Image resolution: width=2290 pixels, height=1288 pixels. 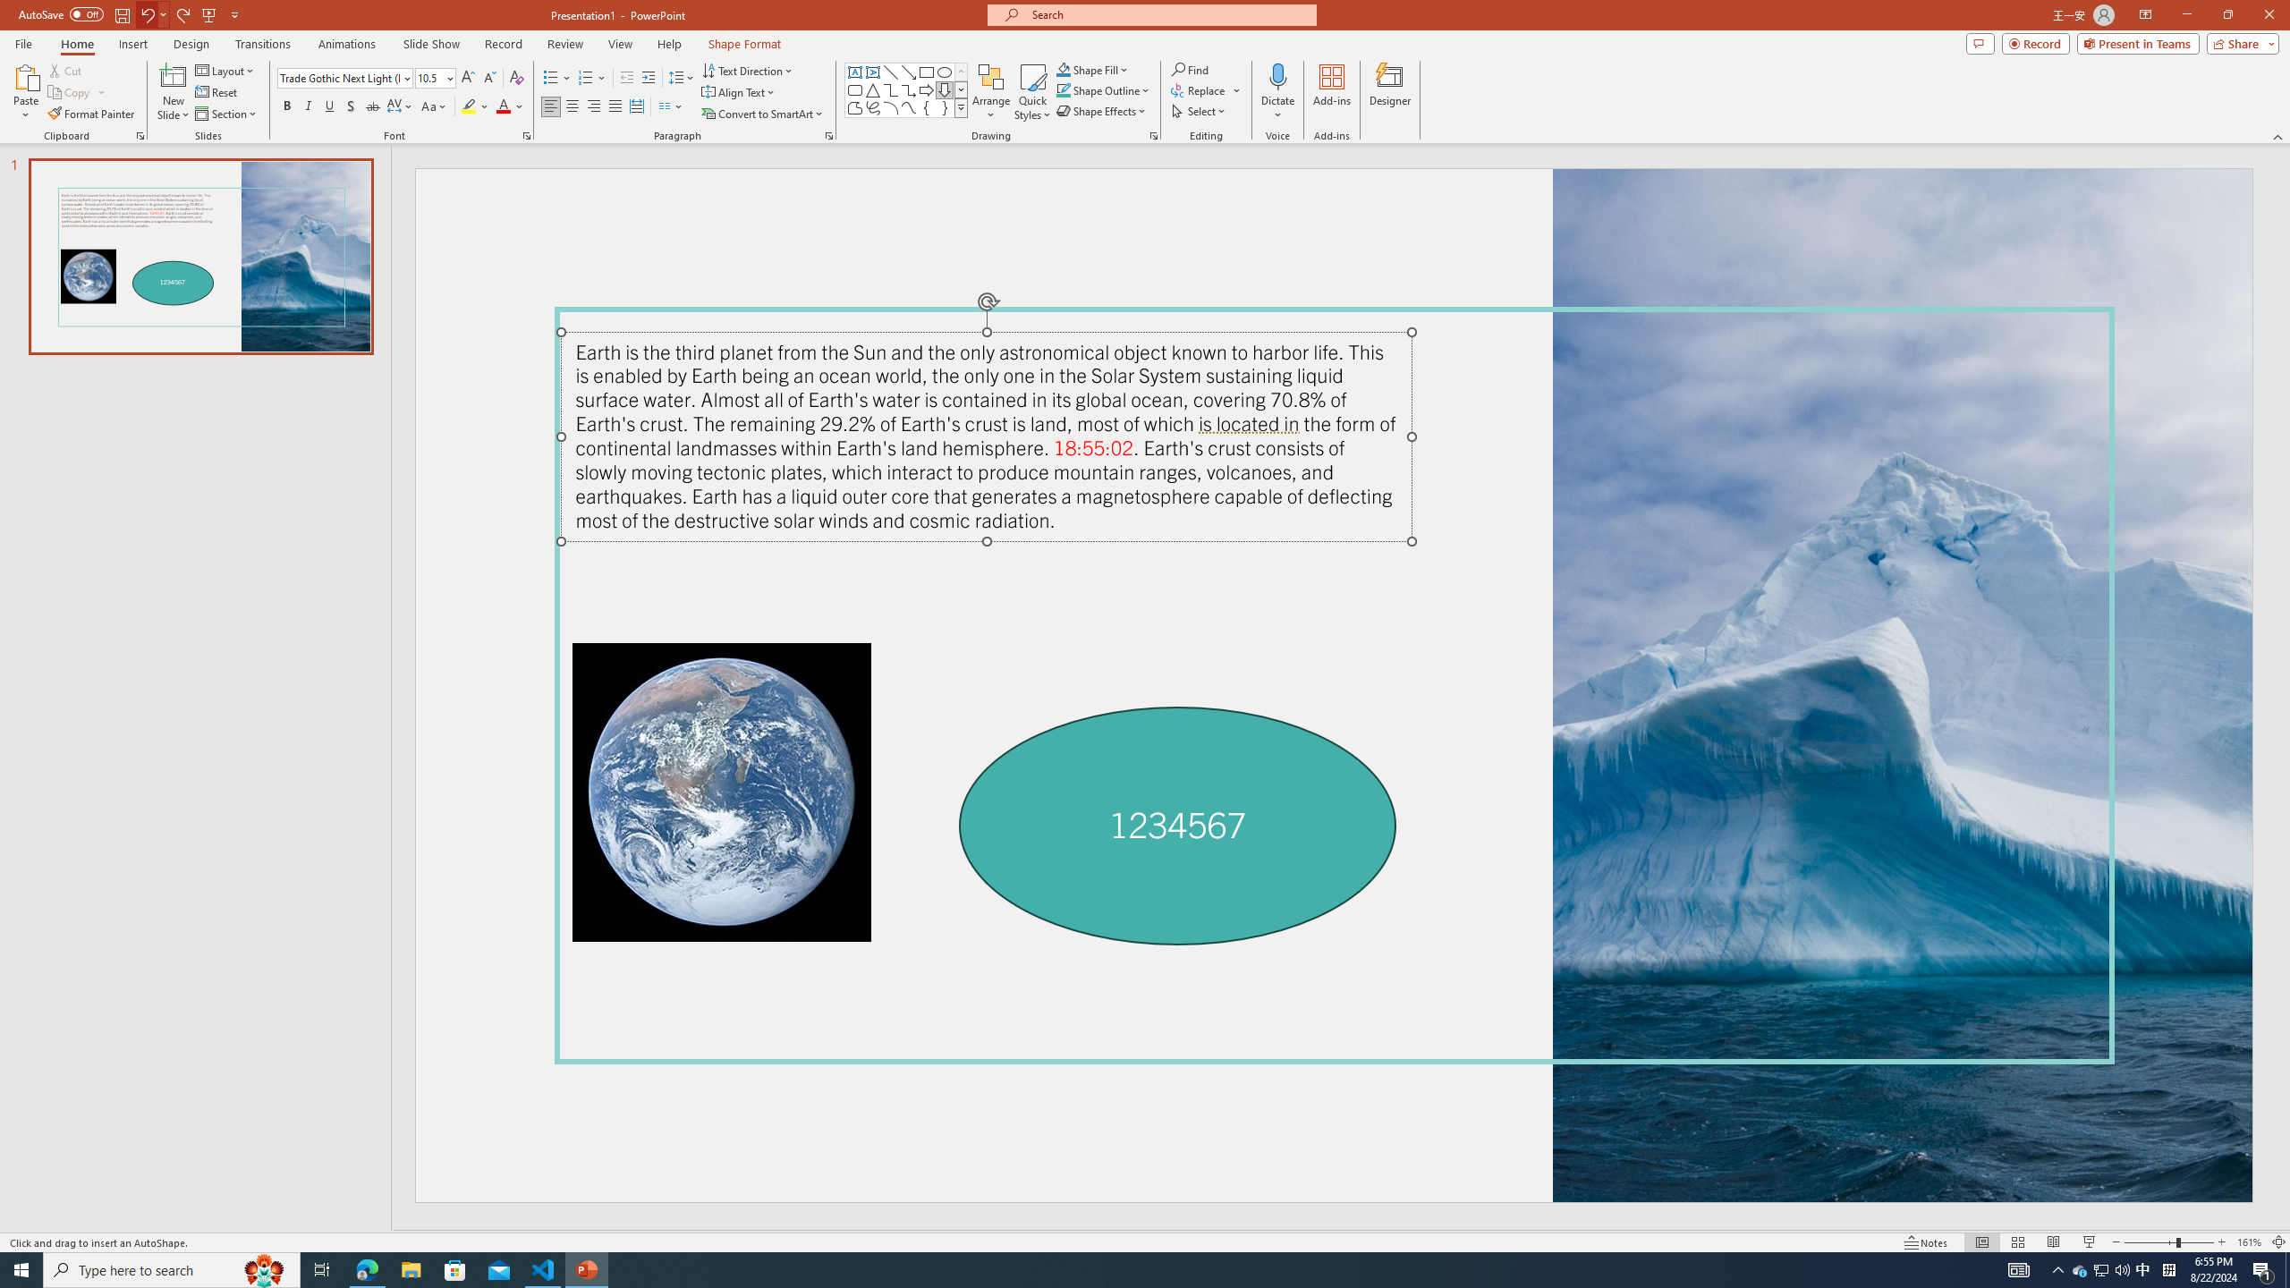 What do you see at coordinates (2250, 1242) in the screenshot?
I see `'Zoom 161%'` at bounding box center [2250, 1242].